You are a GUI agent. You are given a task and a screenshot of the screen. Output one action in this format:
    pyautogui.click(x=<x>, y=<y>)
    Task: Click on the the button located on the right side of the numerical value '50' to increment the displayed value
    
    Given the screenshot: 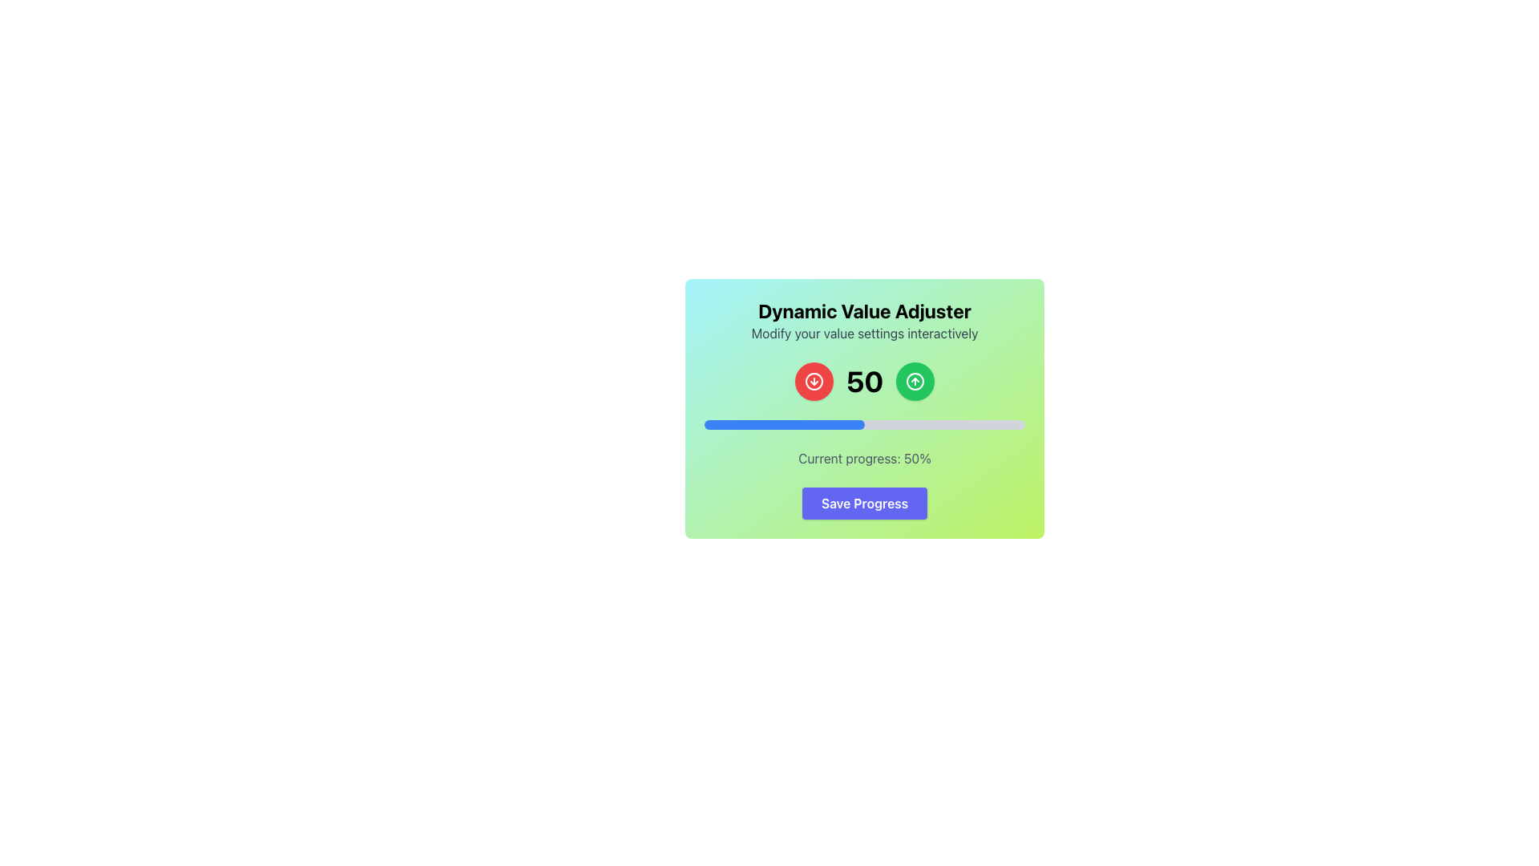 What is the action you would take?
    pyautogui.click(x=915, y=381)
    